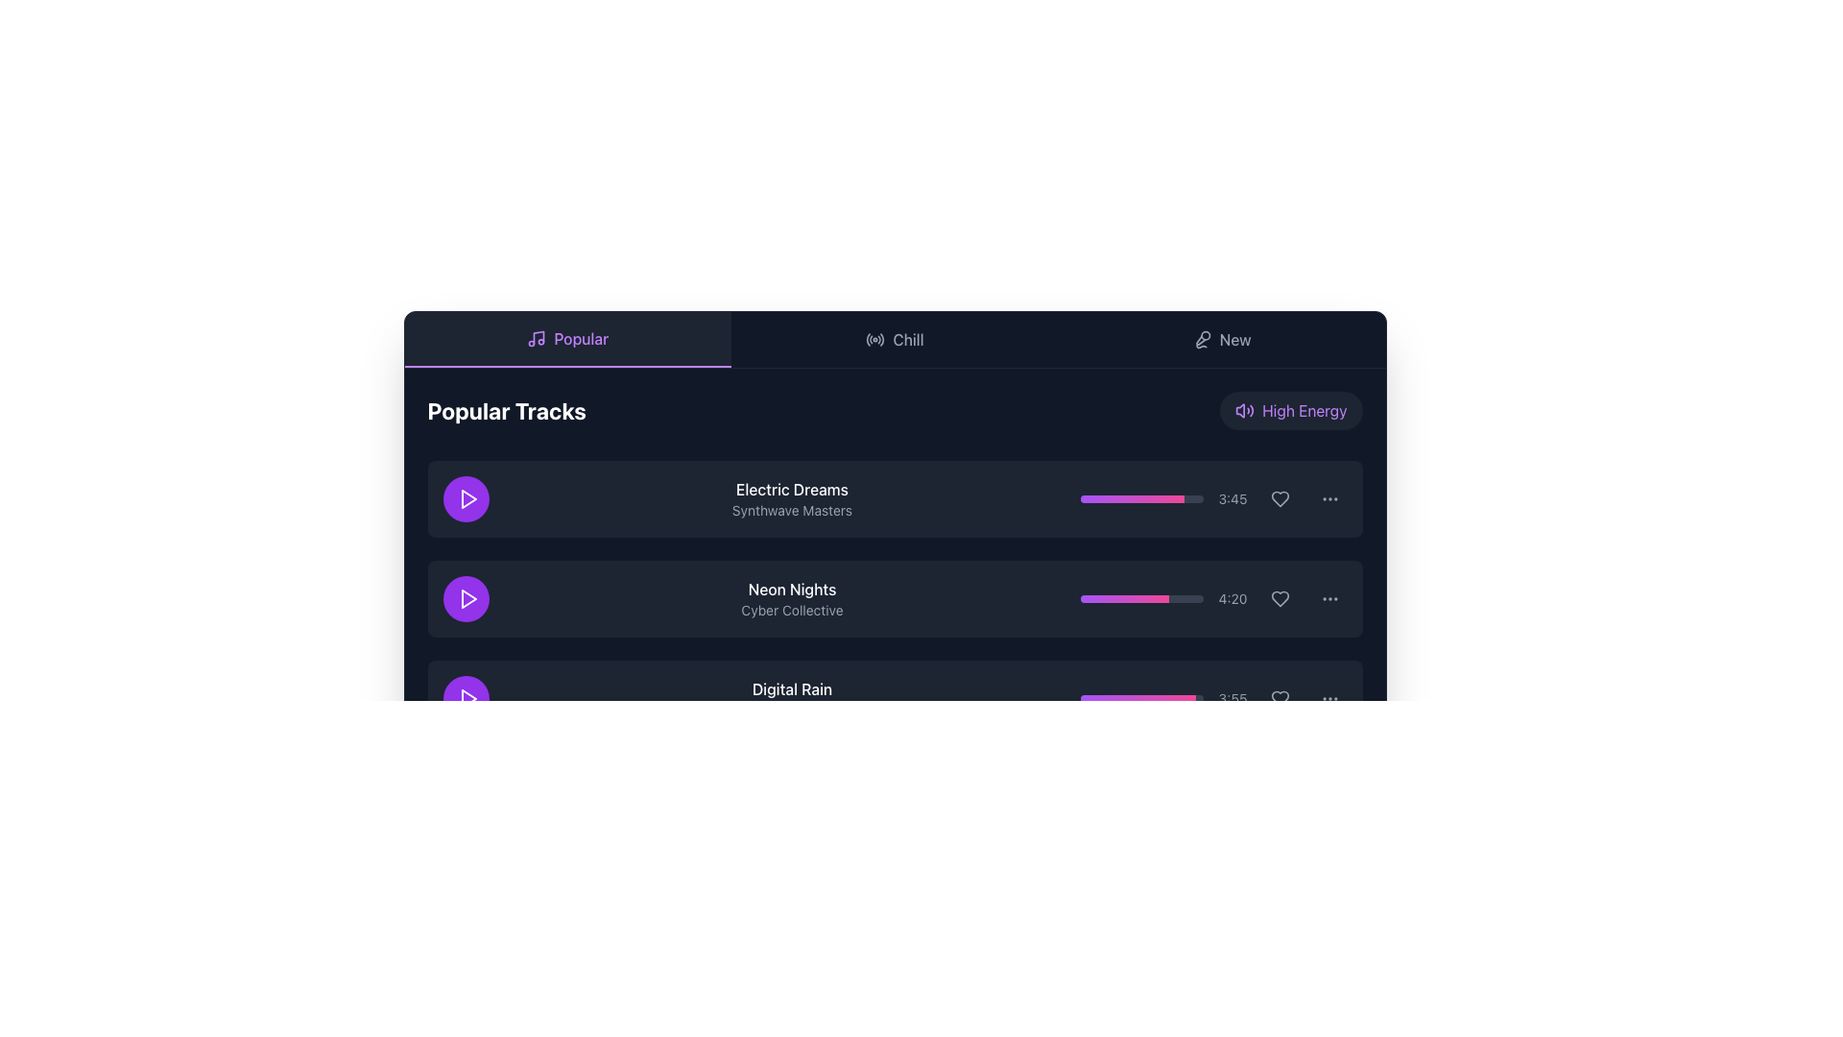 The image size is (1843, 1037). What do you see at coordinates (792, 498) in the screenshot?
I see `the text block displaying the title and artist information of a song in the first row of the popular tracks section` at bounding box center [792, 498].